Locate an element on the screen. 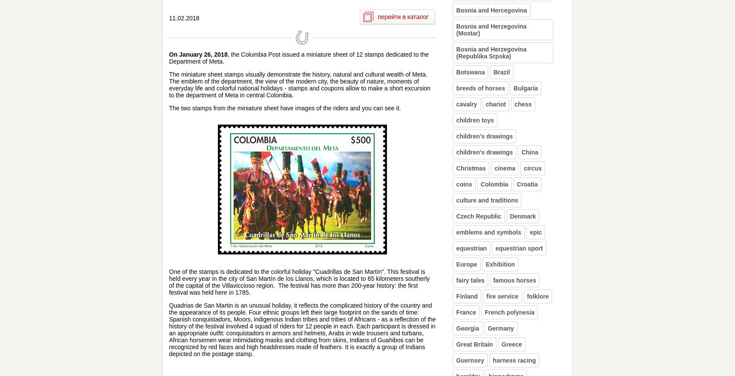 This screenshot has width=735, height=376. 'fairy tales' is located at coordinates (470, 280).